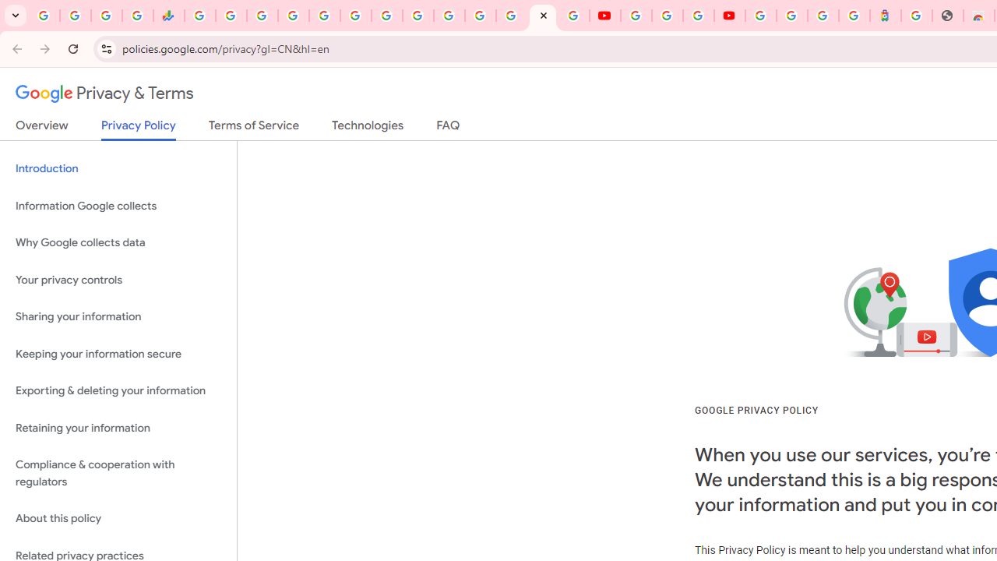 The height and width of the screenshot is (561, 997). Describe the element at coordinates (543, 15) in the screenshot. I see `'Close'` at that location.